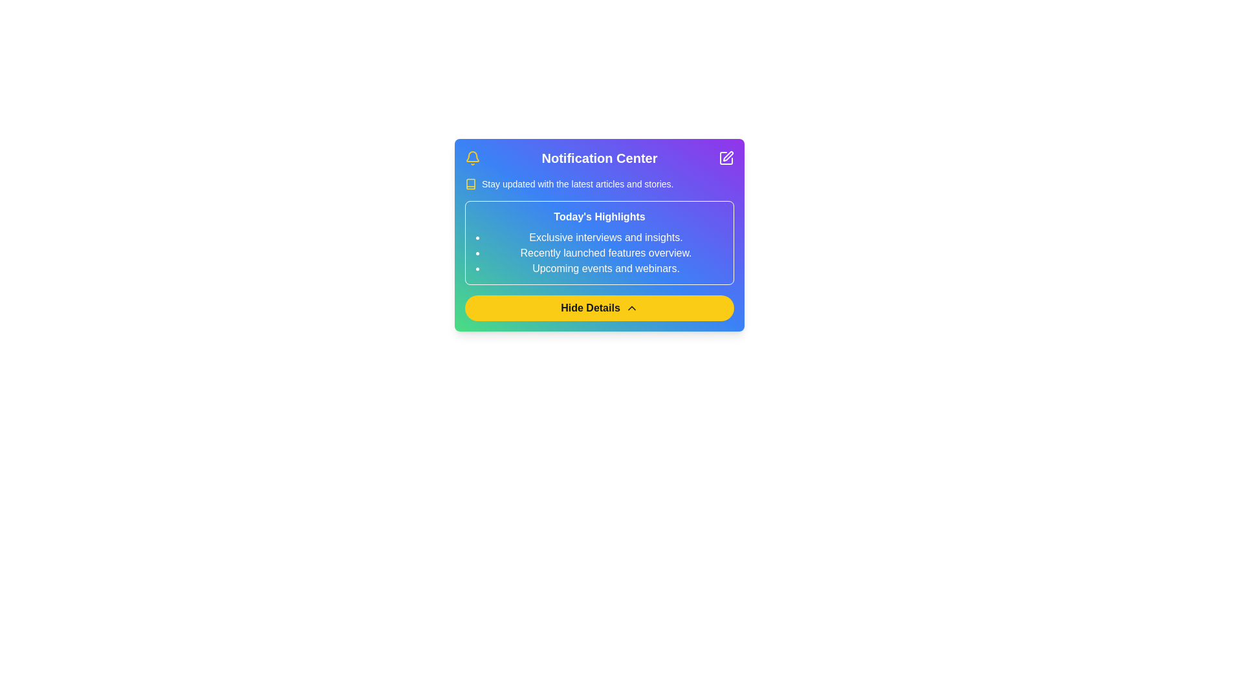 The width and height of the screenshot is (1242, 698). What do you see at coordinates (605, 253) in the screenshot?
I see `the second item in the vertical bullet-point list that displays a summary of recently launched features, located within the 'Today's Highlights' notification panel` at bounding box center [605, 253].